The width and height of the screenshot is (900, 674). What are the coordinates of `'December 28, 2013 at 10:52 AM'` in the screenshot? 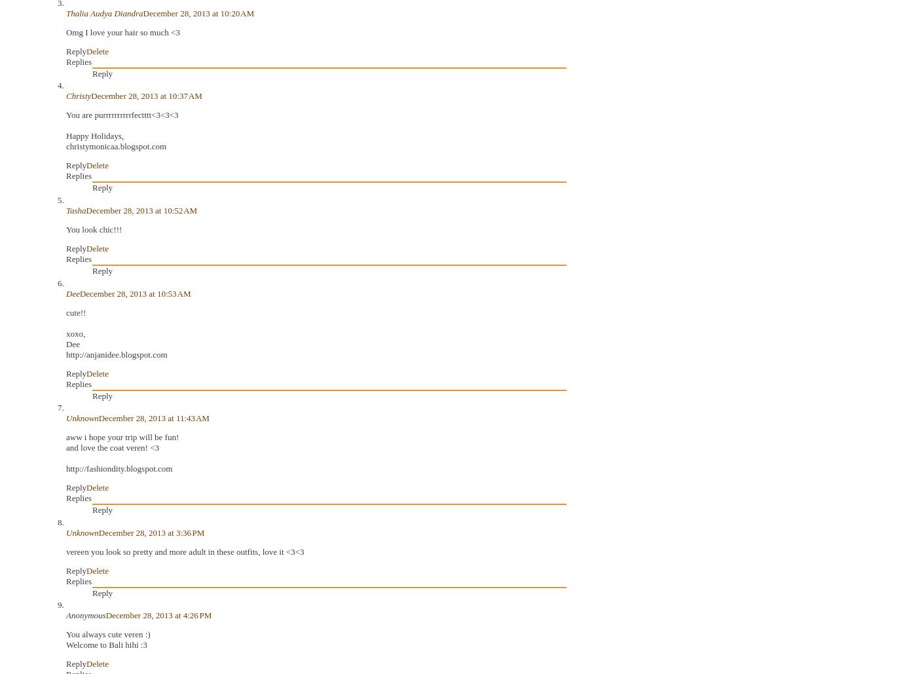 It's located at (84, 210).